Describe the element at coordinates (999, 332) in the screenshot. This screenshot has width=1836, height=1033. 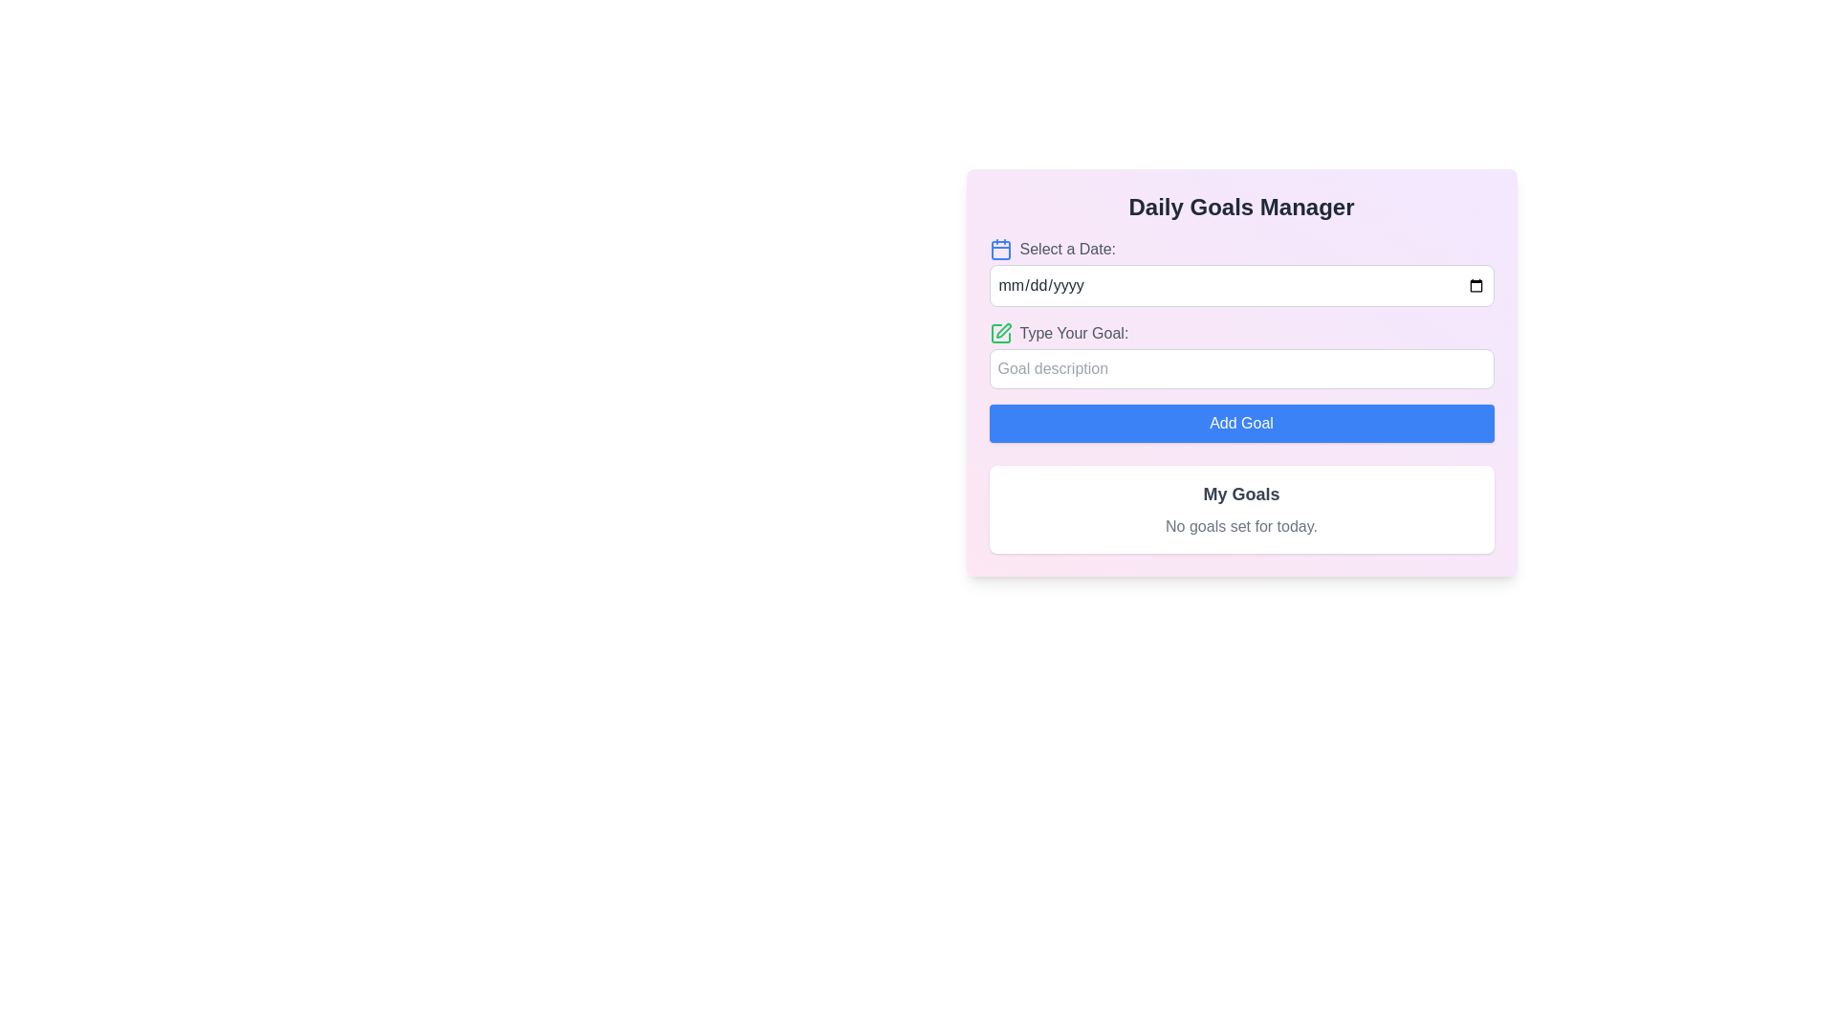
I see `the primary icon next to the label text in the 'Type Your Goal' section, which facilitates editing or input actions` at that location.